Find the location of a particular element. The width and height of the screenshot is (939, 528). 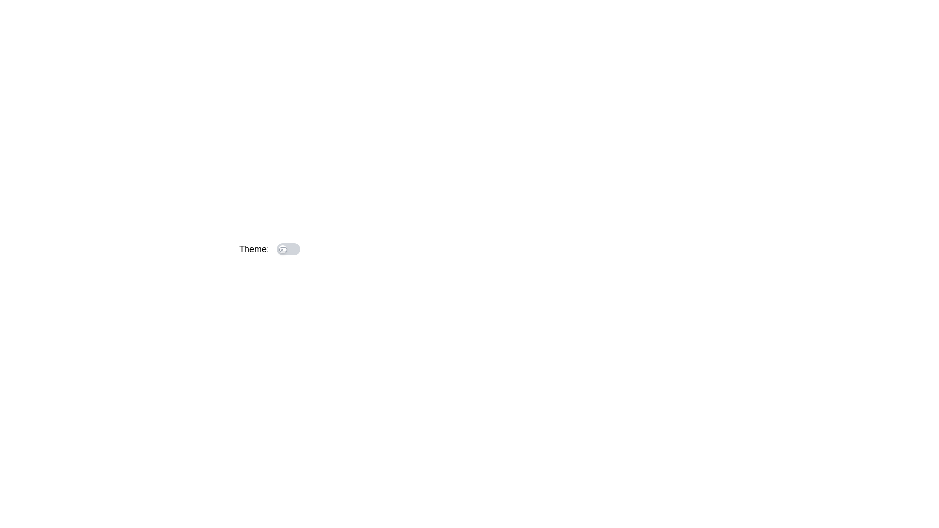

the toggle switch located next to the 'Theme:' label is located at coordinates (288, 248).